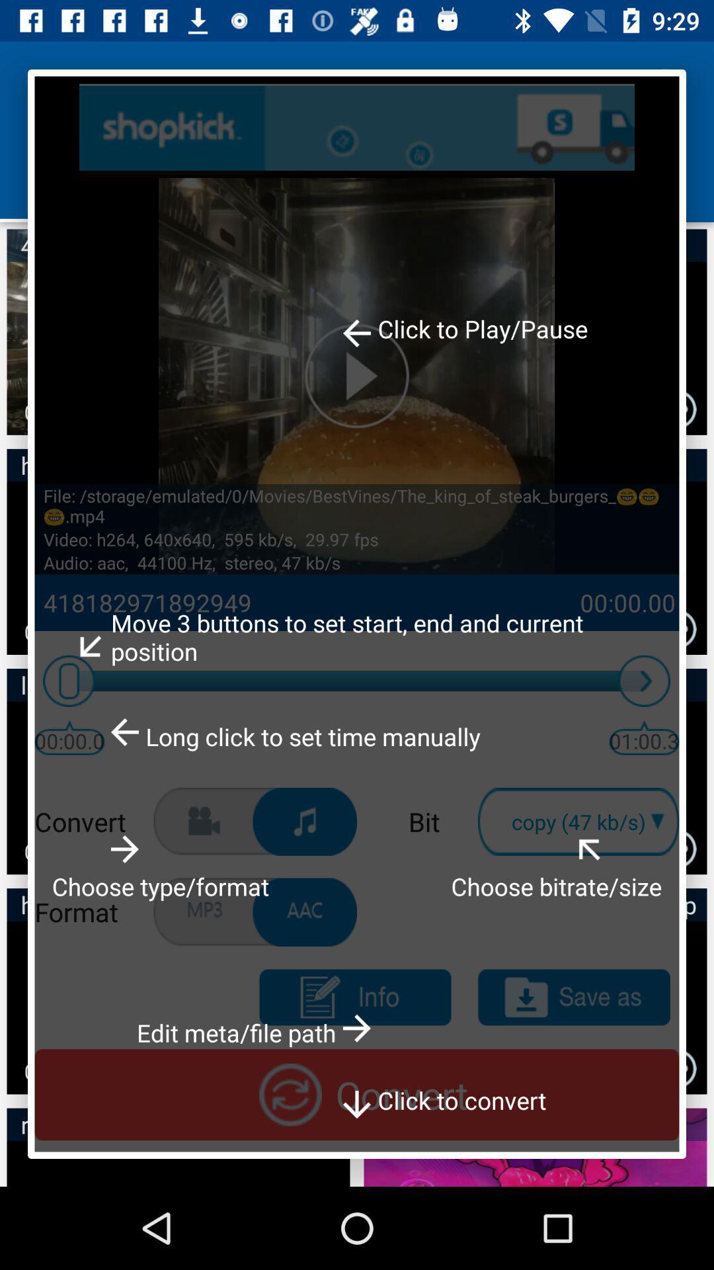  What do you see at coordinates (354, 997) in the screenshot?
I see `editing button` at bounding box center [354, 997].